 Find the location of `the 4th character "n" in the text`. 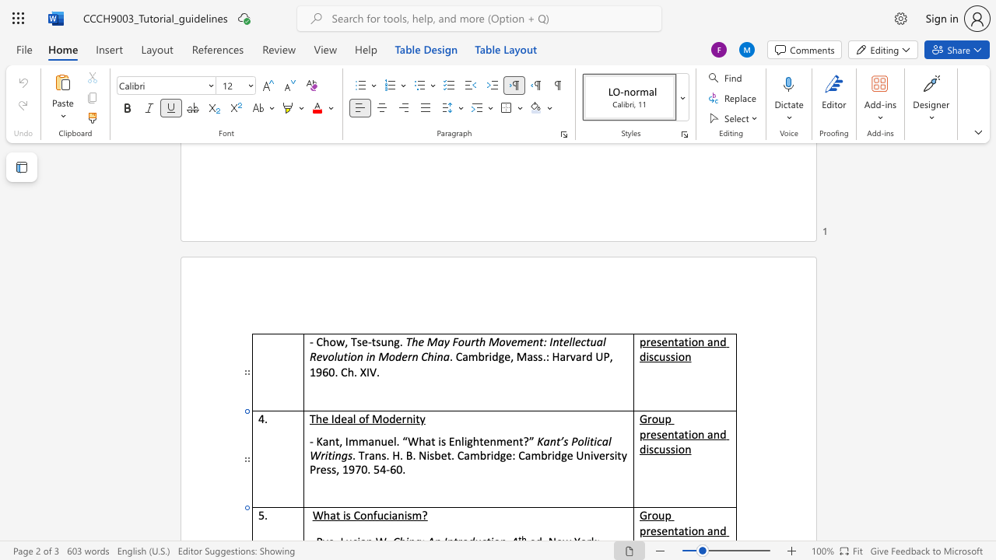

the 4th character "n" in the text is located at coordinates (687, 449).